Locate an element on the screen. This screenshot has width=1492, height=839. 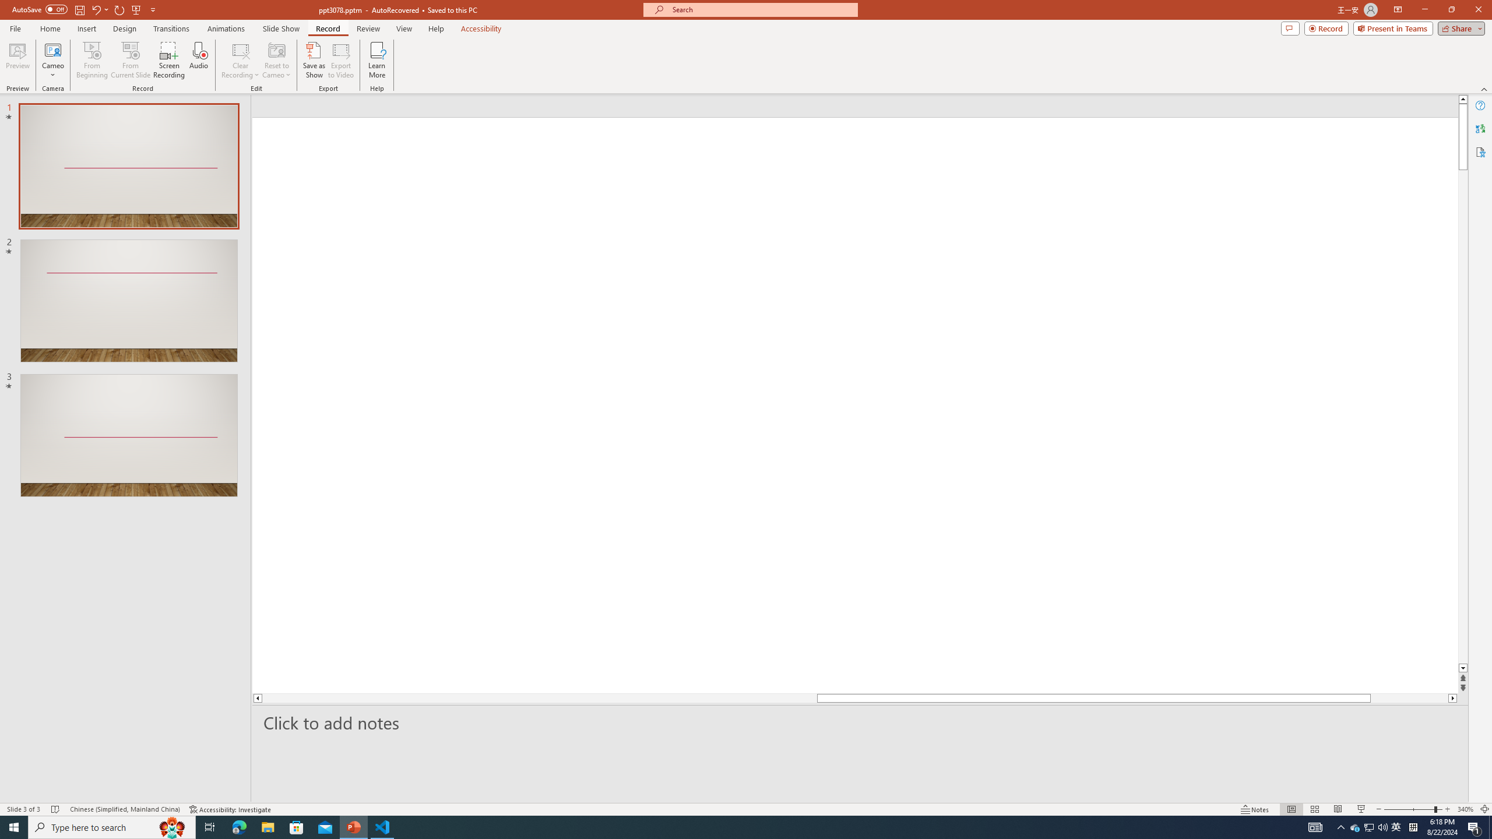
'Screen Recording' is located at coordinates (168, 60).